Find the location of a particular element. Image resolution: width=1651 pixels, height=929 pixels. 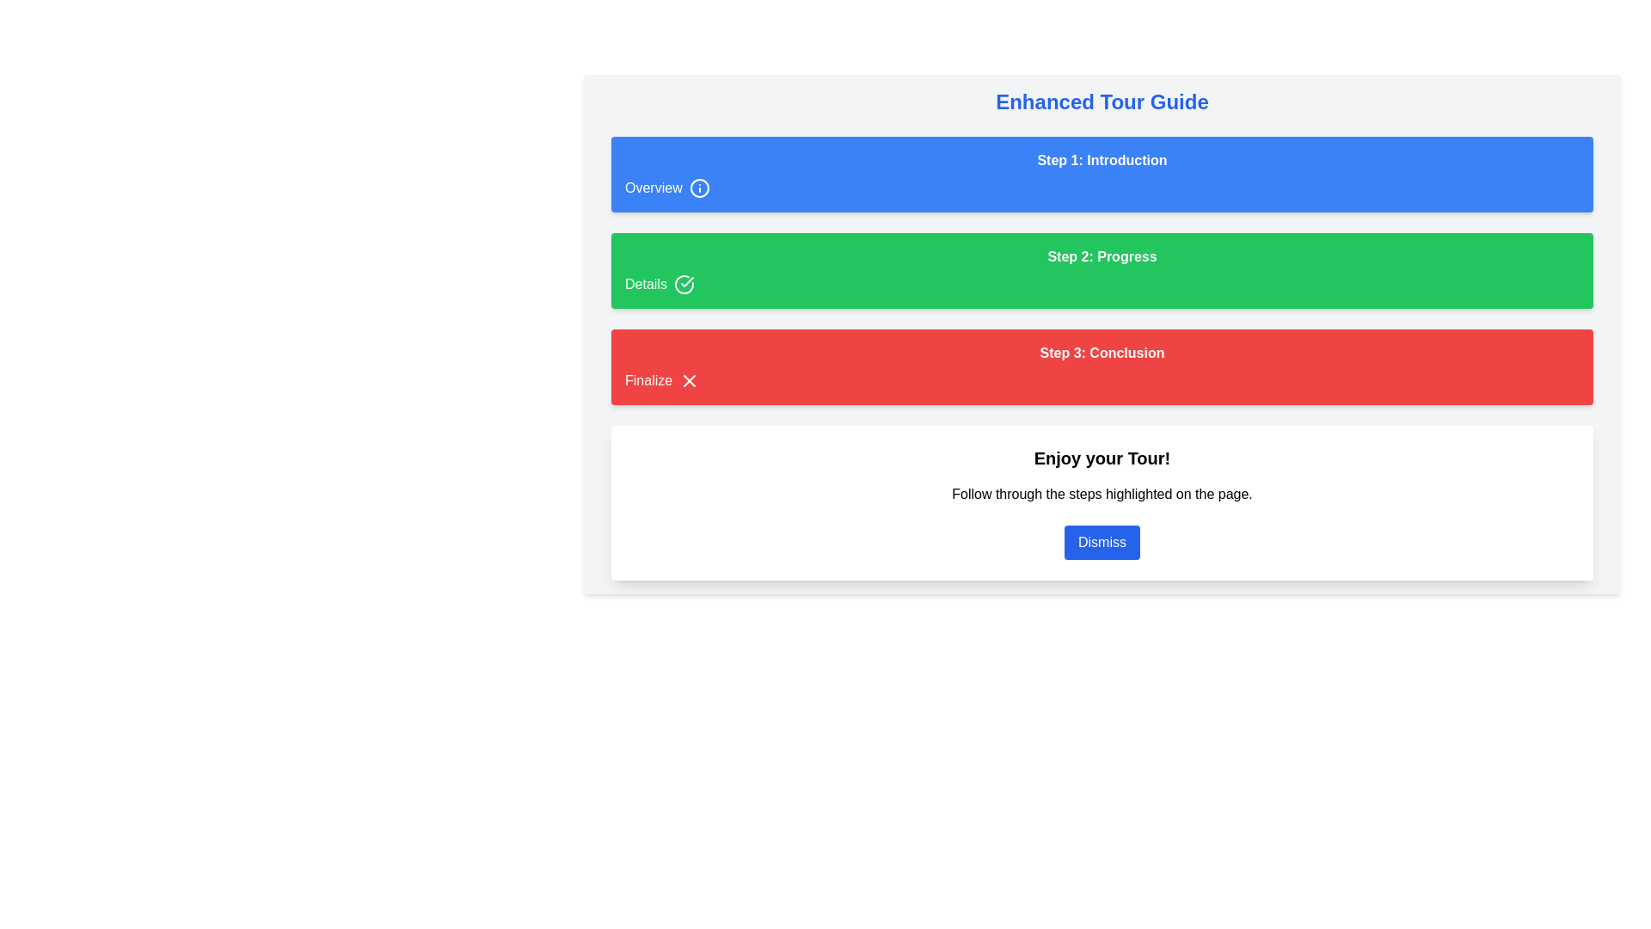

the Text Label at the top of the interface, which serves as a title or heading for the content below is located at coordinates (1102, 102).